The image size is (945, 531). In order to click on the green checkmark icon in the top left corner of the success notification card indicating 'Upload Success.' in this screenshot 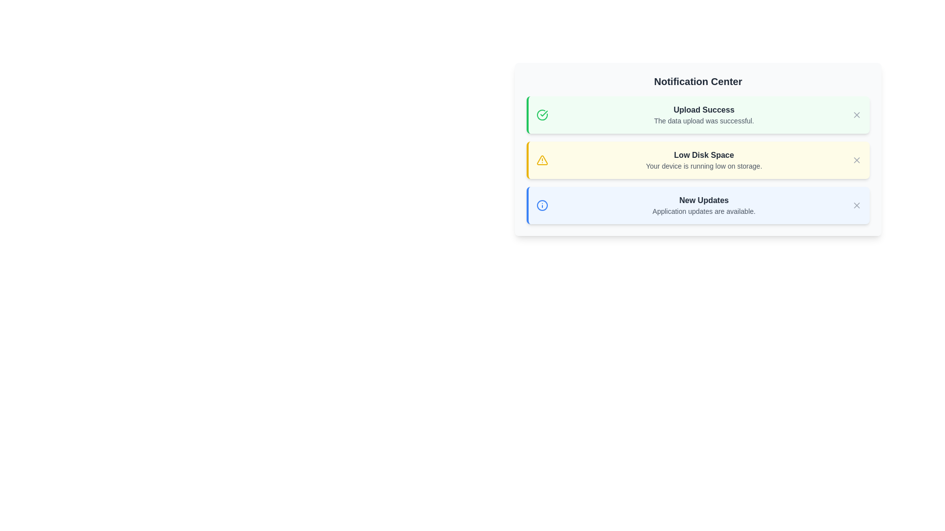, I will do `click(543, 113)`.